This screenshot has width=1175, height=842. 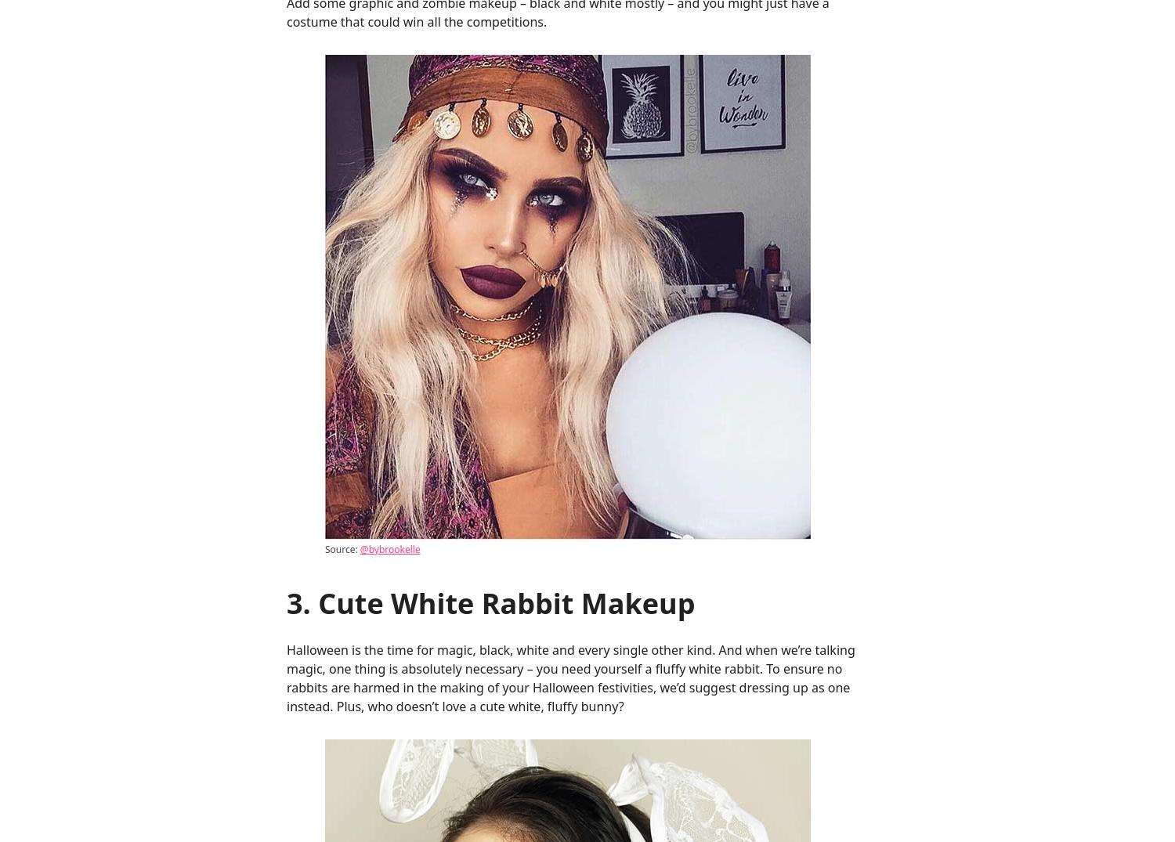 What do you see at coordinates (949, 128) in the screenshot?
I see `'Lifestyle'` at bounding box center [949, 128].